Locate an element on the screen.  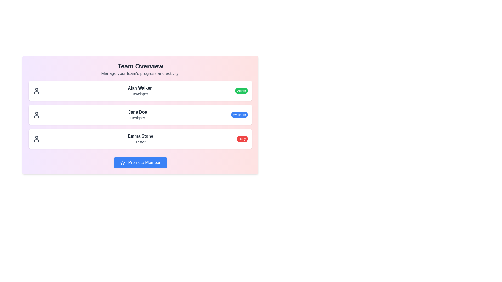
the user icon, which is styled in gray and located on the left side of the third card under the 'Team Overview' section, aligned with the text 'Emma Stone' and 'Tester' is located at coordinates (36, 139).